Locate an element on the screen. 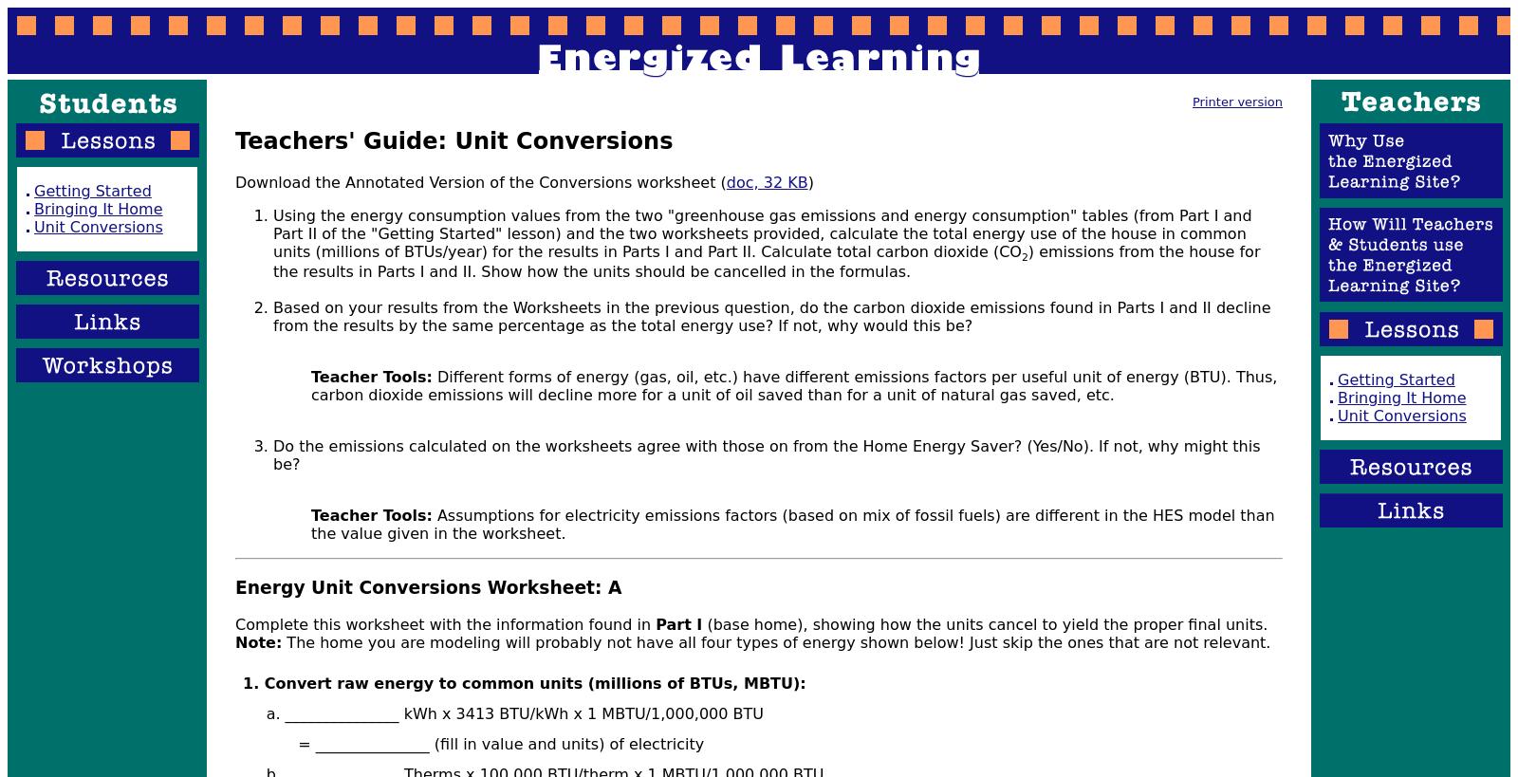  'Download the Annotated Version of the Conversions worksheet 
(' is located at coordinates (479, 181).